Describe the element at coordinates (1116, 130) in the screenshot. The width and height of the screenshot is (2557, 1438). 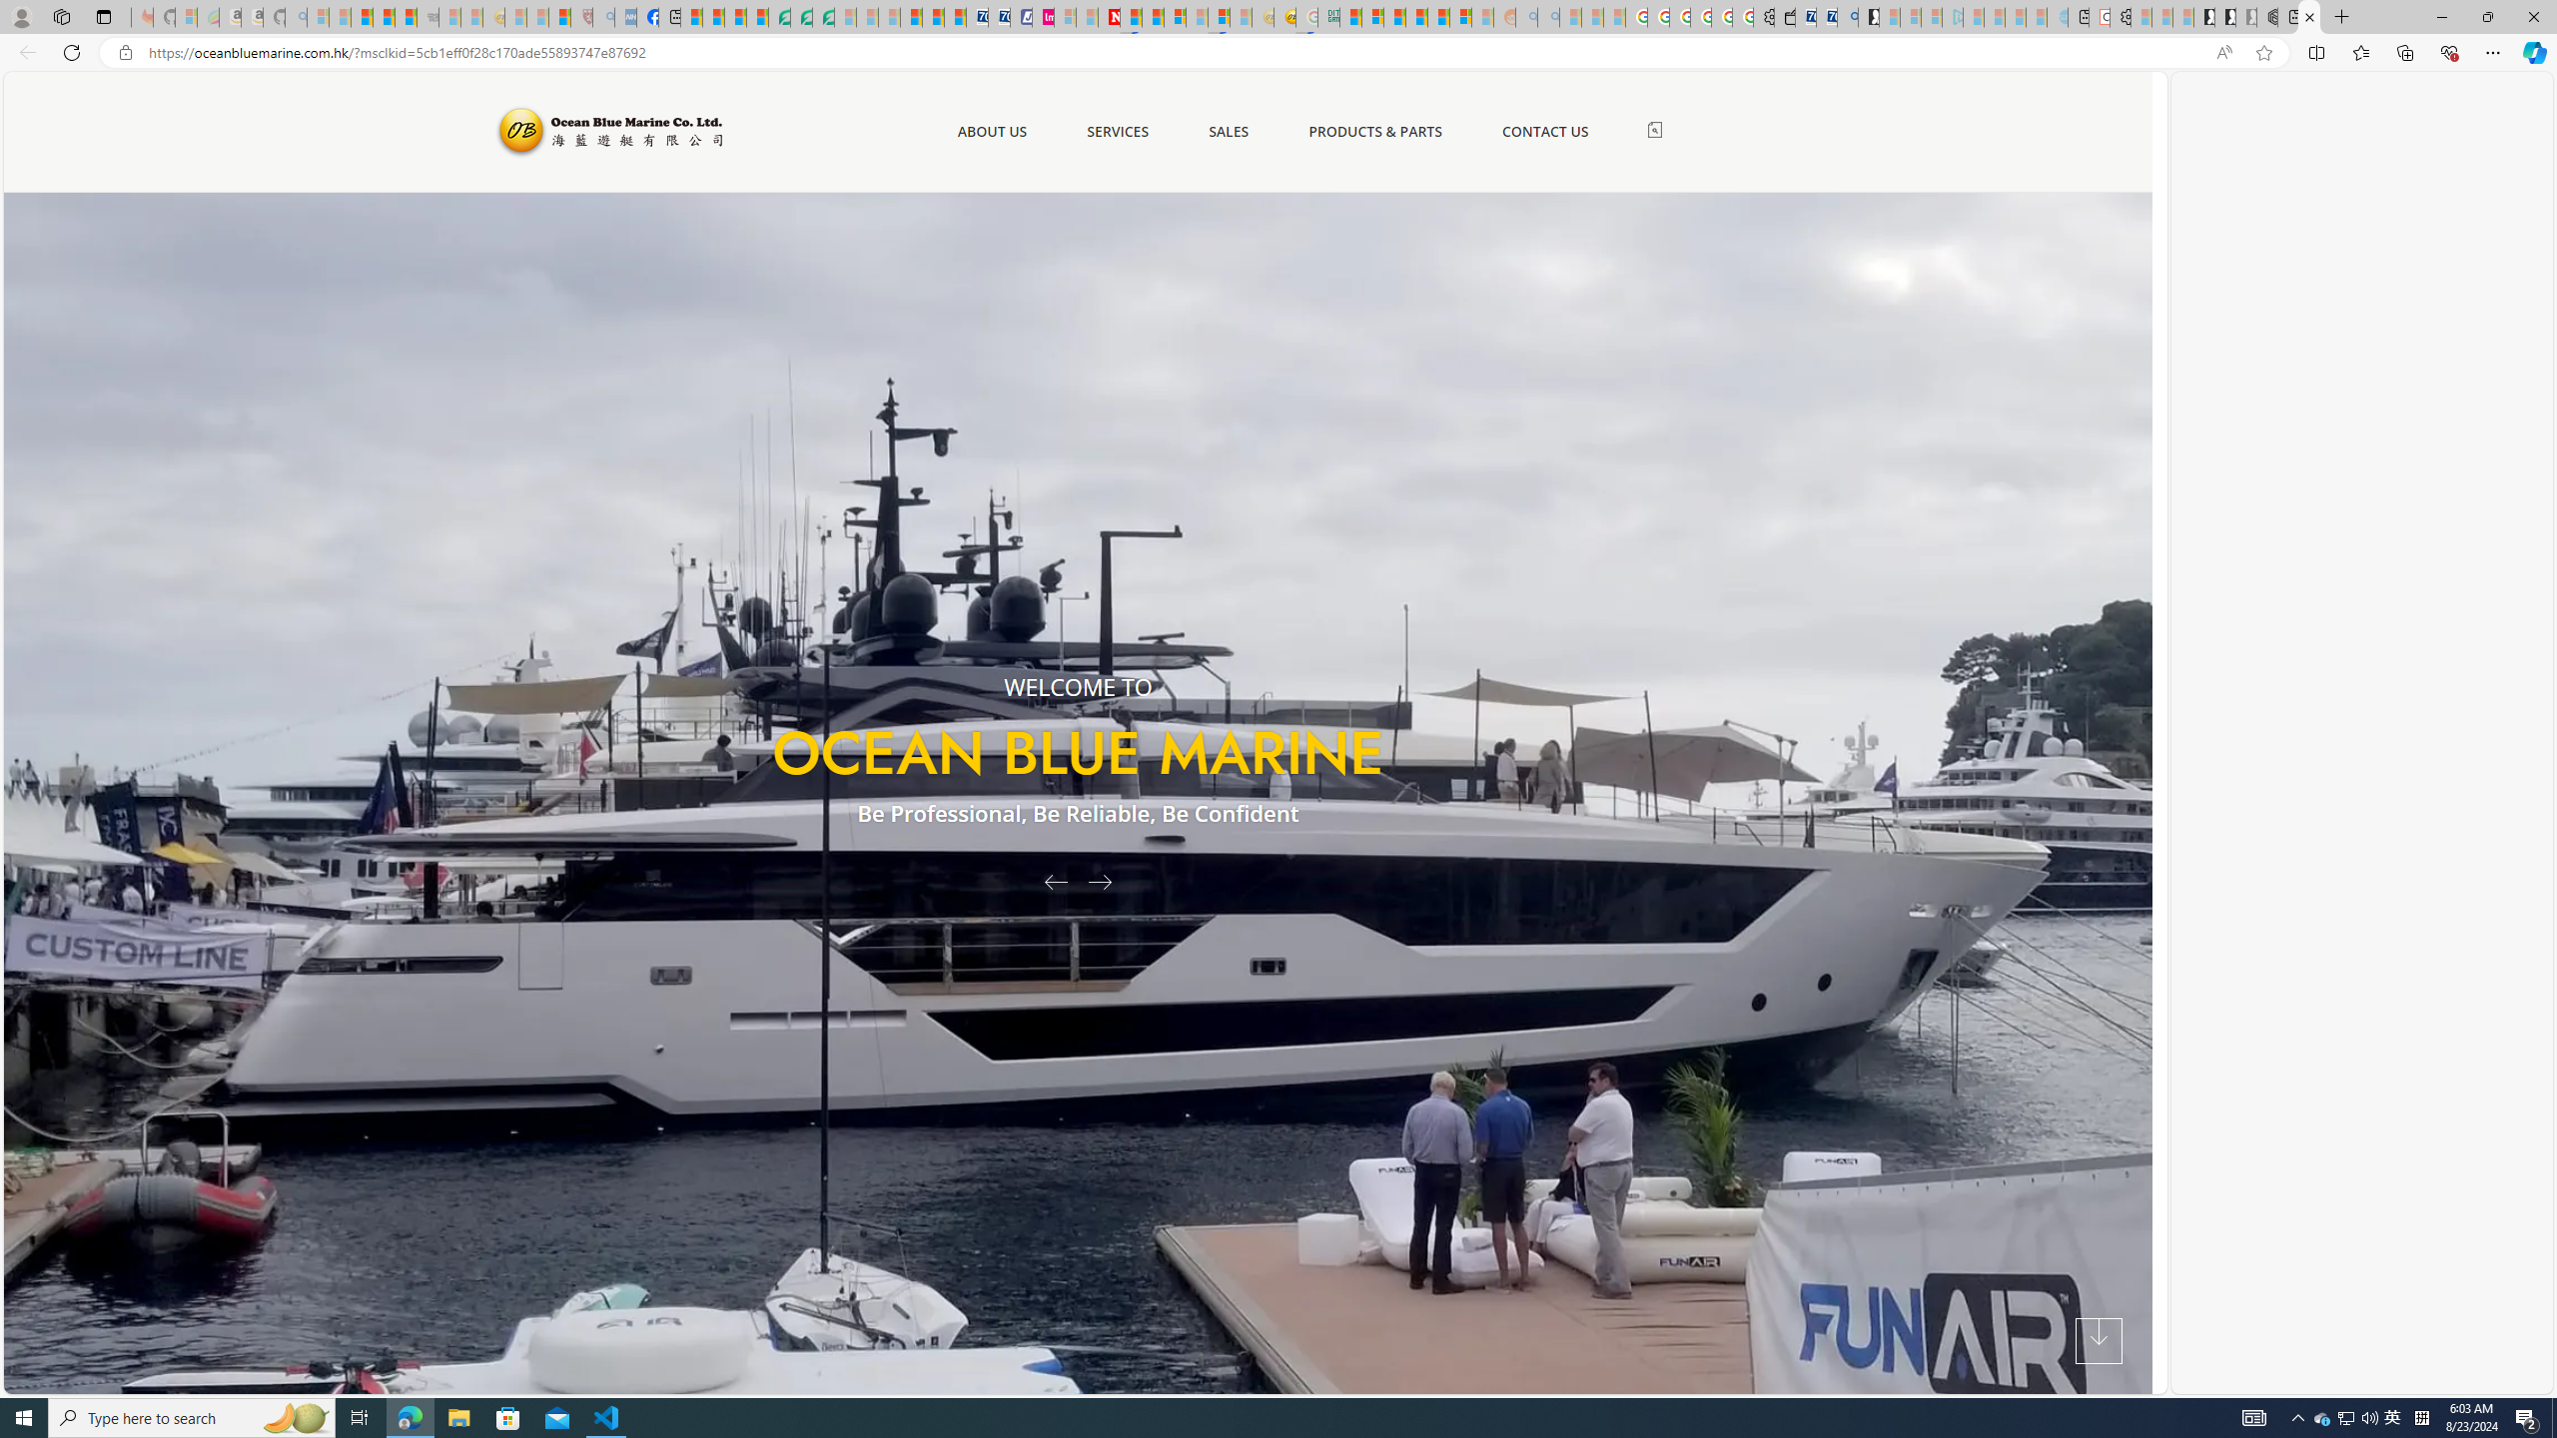
I see `'SERVICES'` at that location.